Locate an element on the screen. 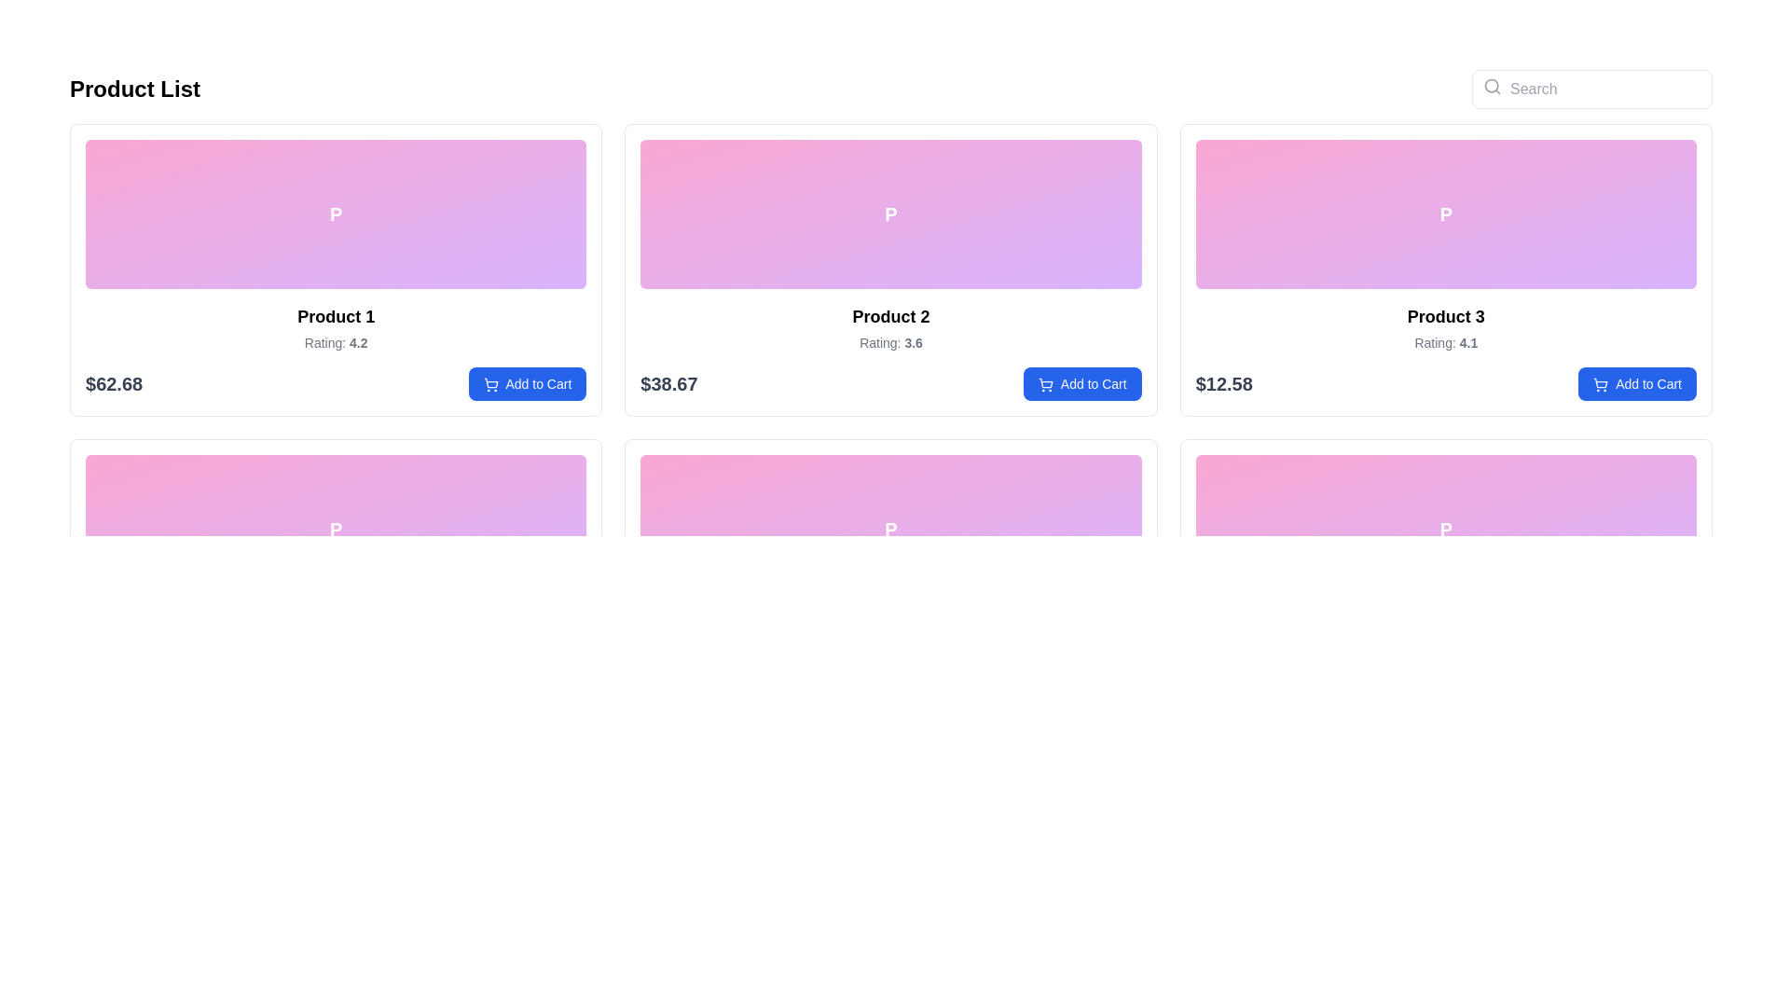 The height and width of the screenshot is (1007, 1790). the static text label for 'Product 2', which is positioned centered below the gradient image and above the rating text 'Rating: 3.6' is located at coordinates (889, 315).